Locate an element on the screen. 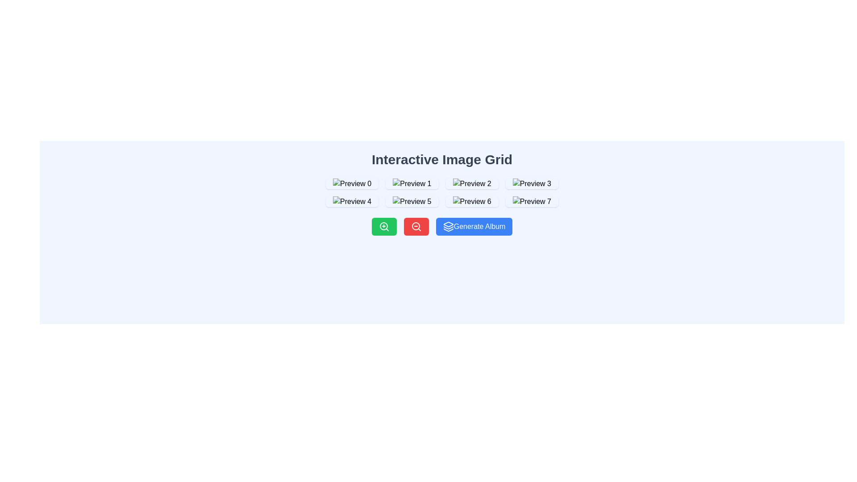 Image resolution: width=857 pixels, height=482 pixels. the preview image associated with item 6, which is the seventh item in the grid layout located in the lower right quadrant is located at coordinates (471, 201).